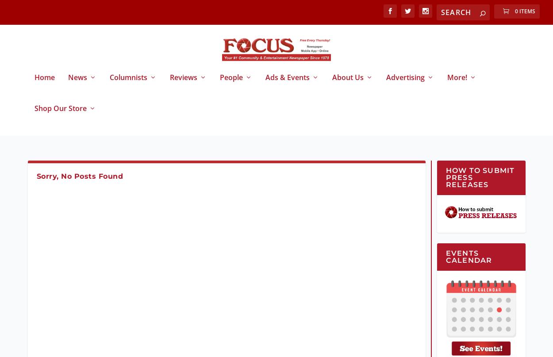 The width and height of the screenshot is (553, 357). I want to click on 'Advertising', so click(405, 84).